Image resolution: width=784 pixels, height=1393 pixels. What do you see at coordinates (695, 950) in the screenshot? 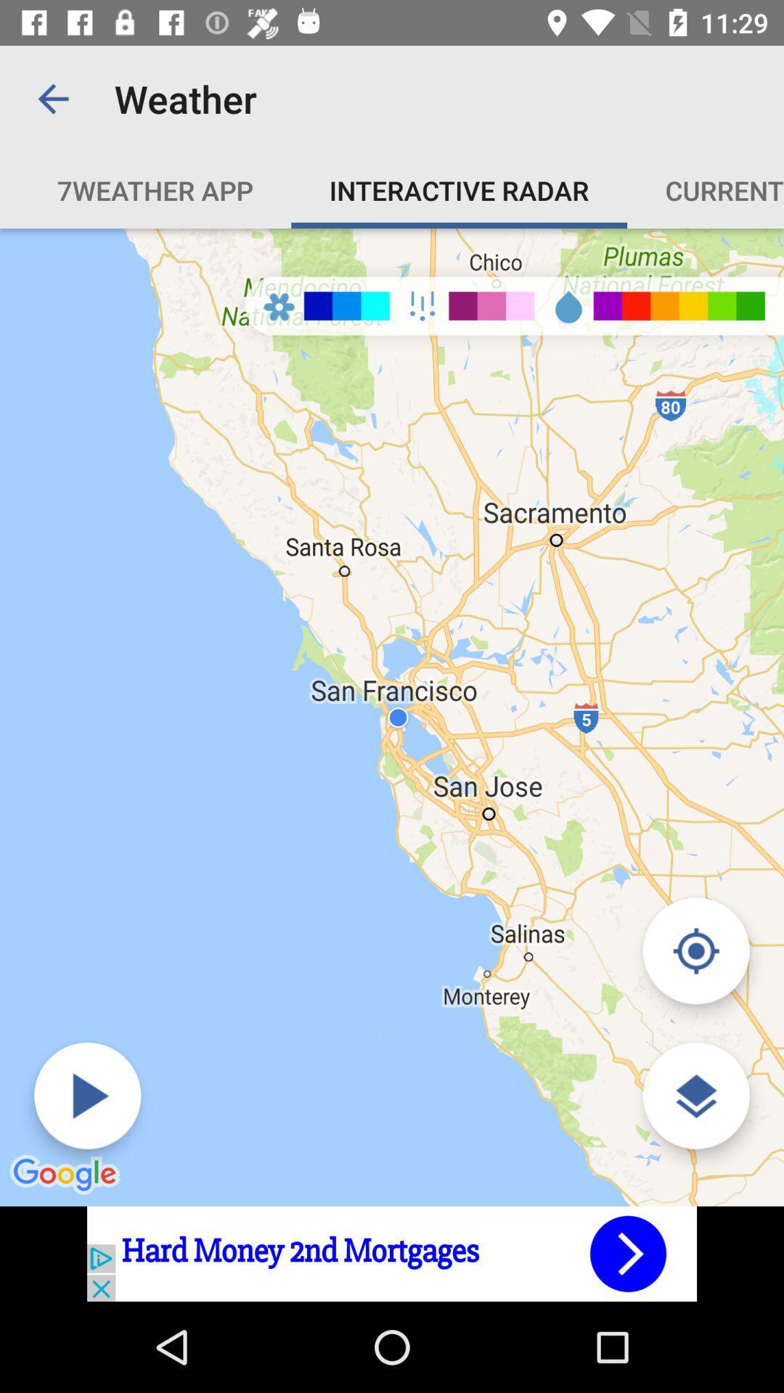
I see `current location` at bounding box center [695, 950].